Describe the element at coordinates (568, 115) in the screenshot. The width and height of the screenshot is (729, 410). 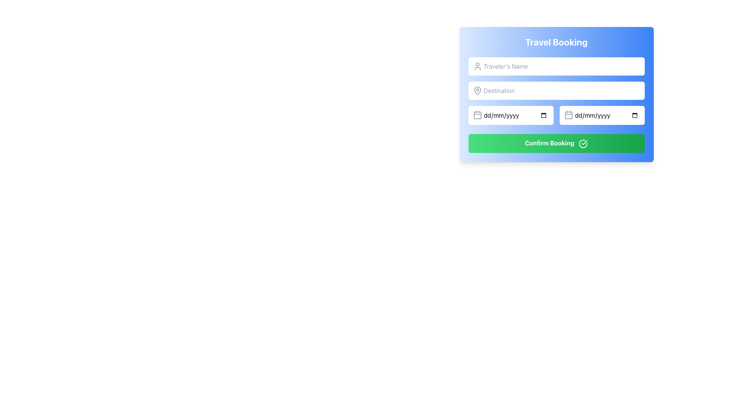
I see `the minimalist flat design calendar icon located to the left of the second date input field` at that location.